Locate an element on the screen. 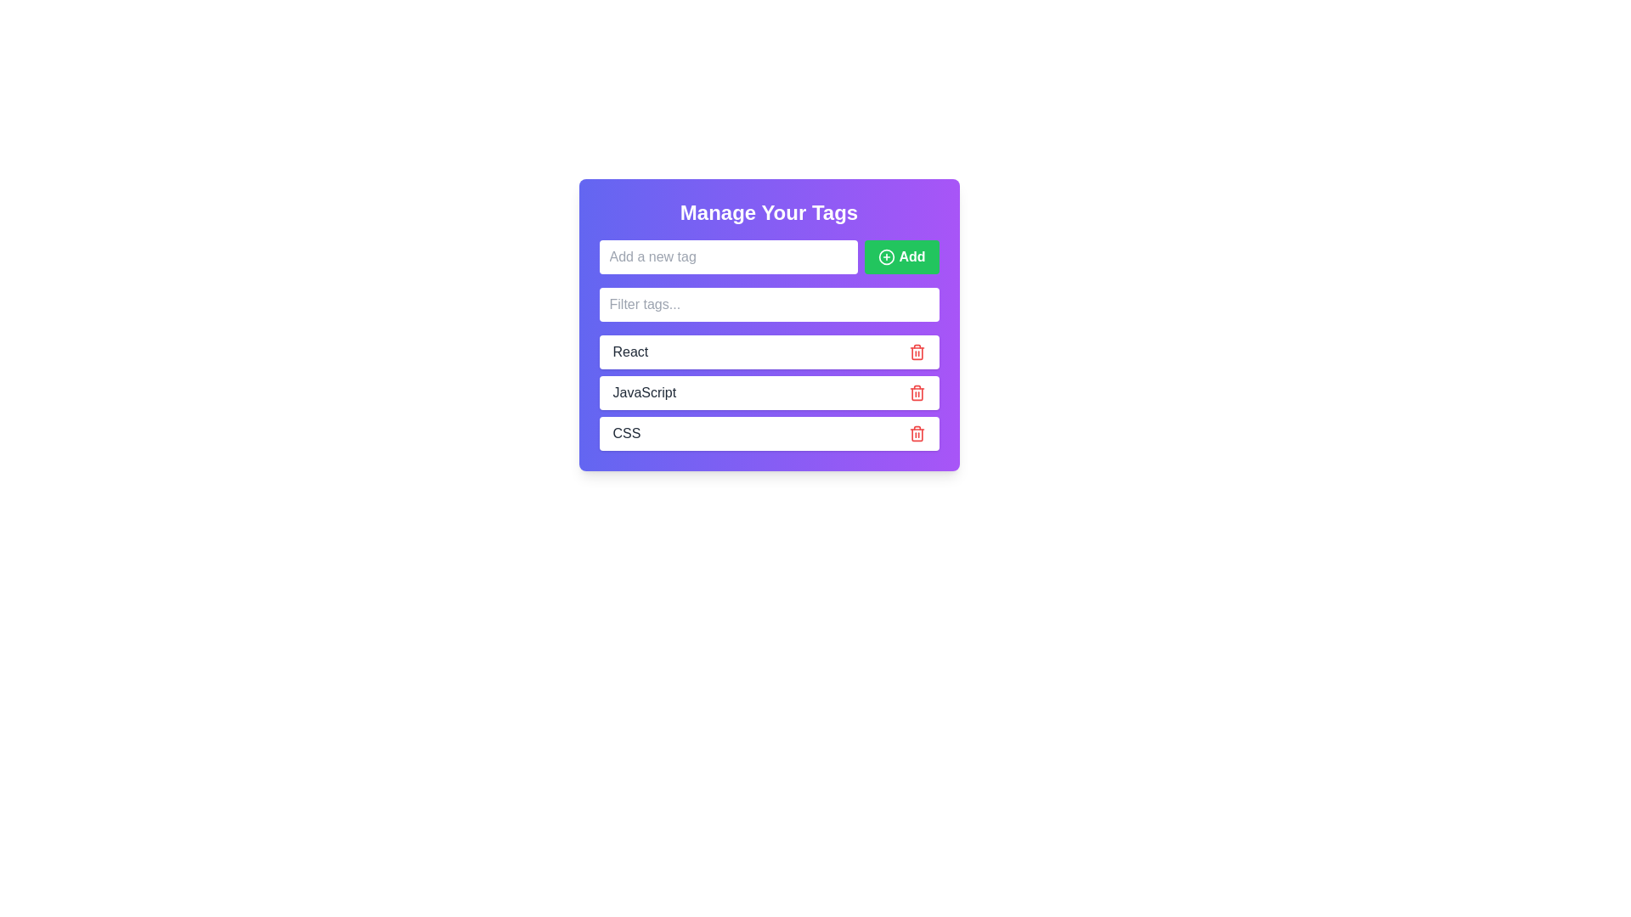  the Tag component labeled 'React' is located at coordinates (768, 352).